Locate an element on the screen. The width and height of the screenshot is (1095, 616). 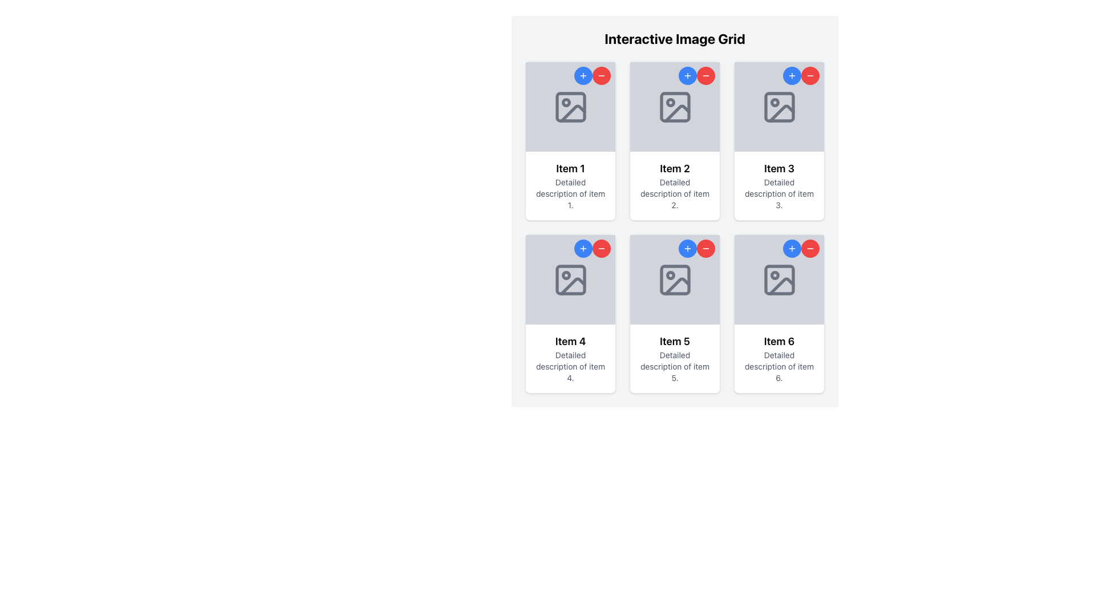
heading text 'Item 2' located at the top of the second card in the grid layout is located at coordinates (675, 169).